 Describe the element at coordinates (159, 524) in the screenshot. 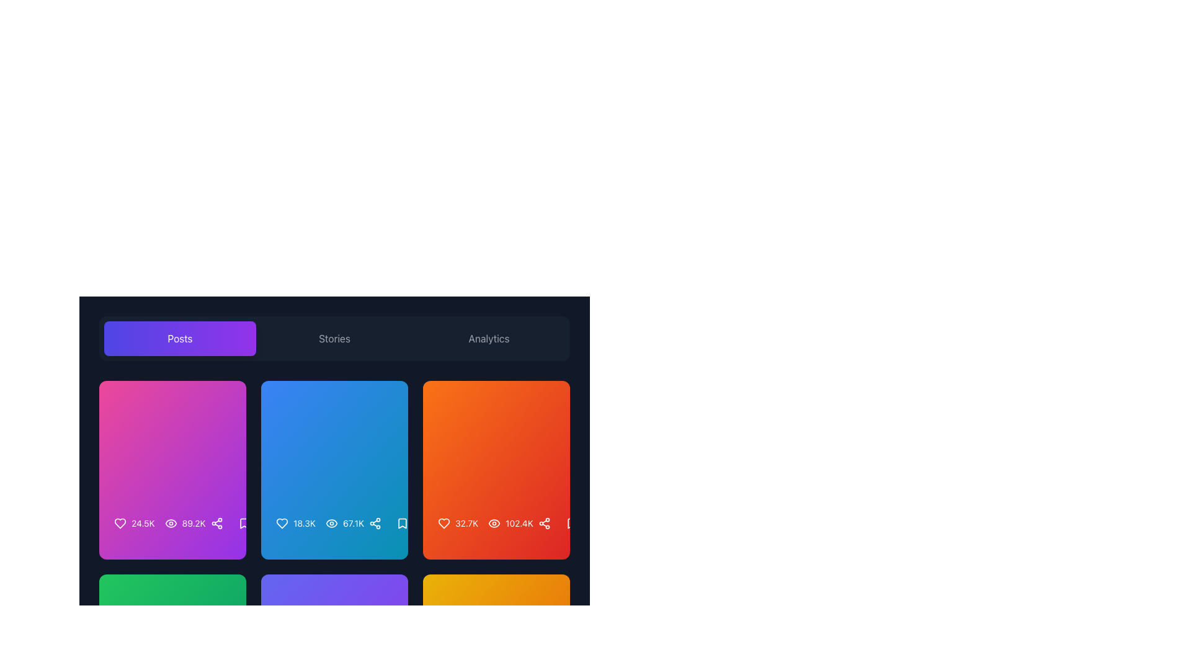

I see `the Statistical display component that shows a heart icon with '24.5K' and an eye icon with '89.2K', located in the pink gradient card in the first column on the left` at that location.